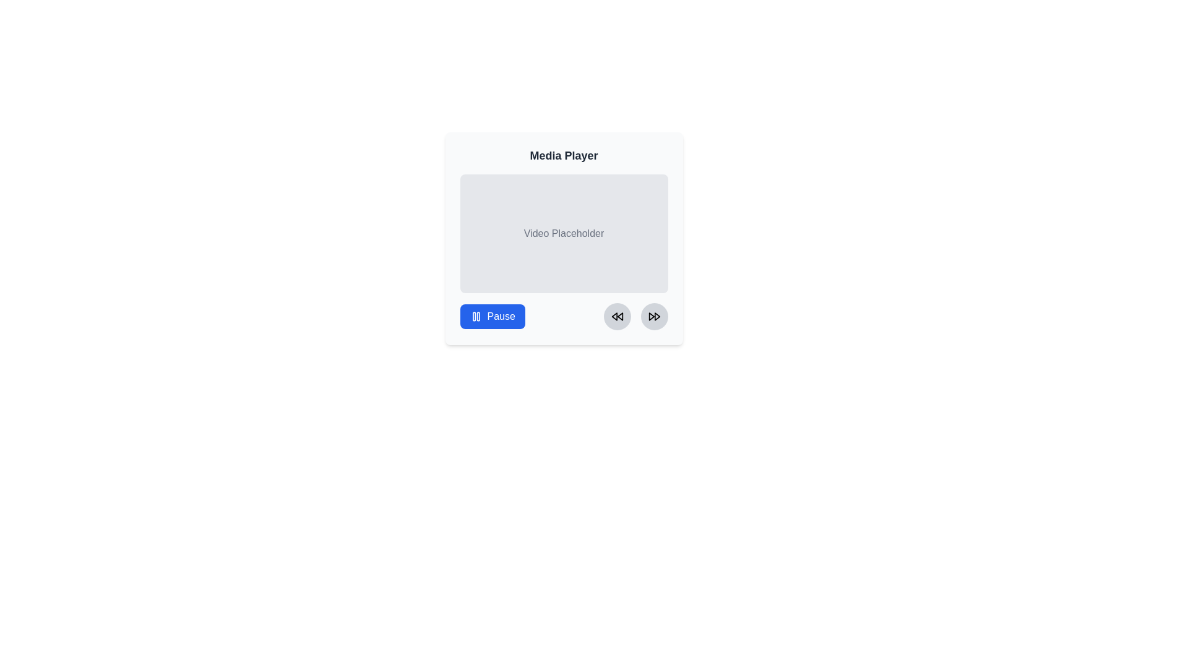 The image size is (1188, 668). Describe the element at coordinates (656, 316) in the screenshot. I see `the triangular-shaped arrow button within the media control icon group, which signifies a recording function or alert` at that location.